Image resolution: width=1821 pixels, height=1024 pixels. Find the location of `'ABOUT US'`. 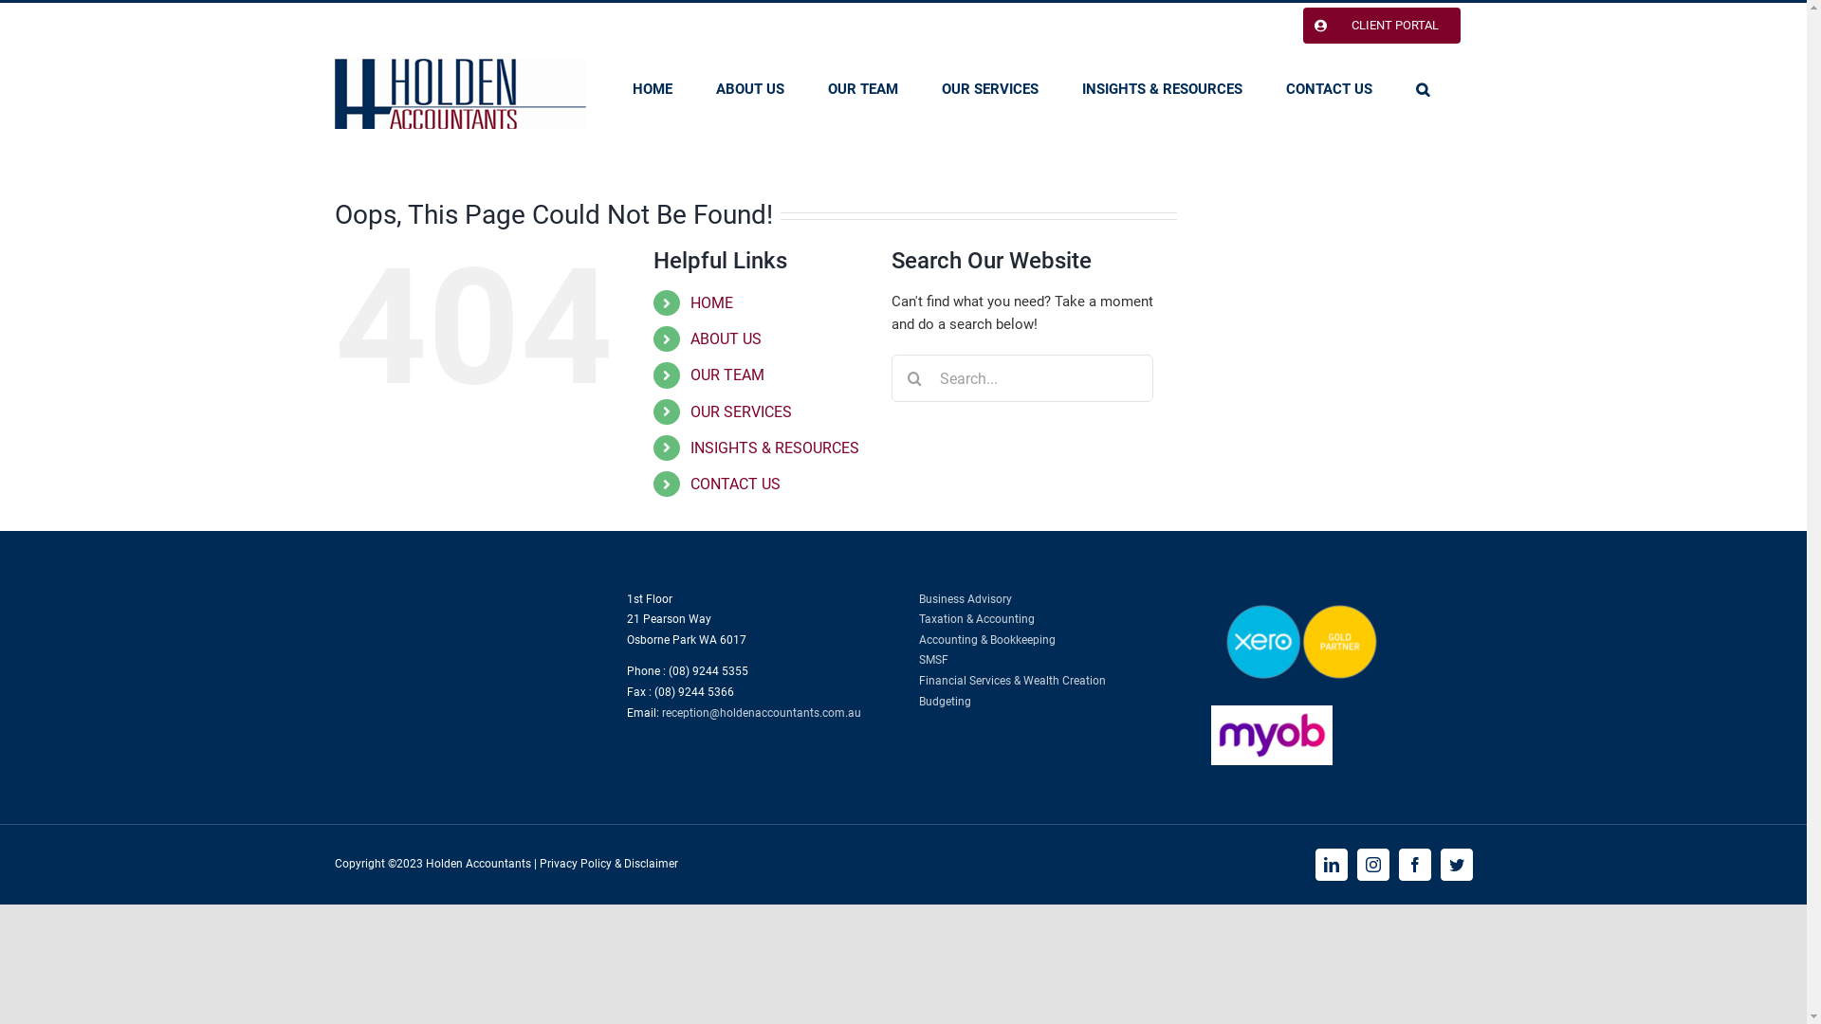

'ABOUT US' is located at coordinates (725, 338).